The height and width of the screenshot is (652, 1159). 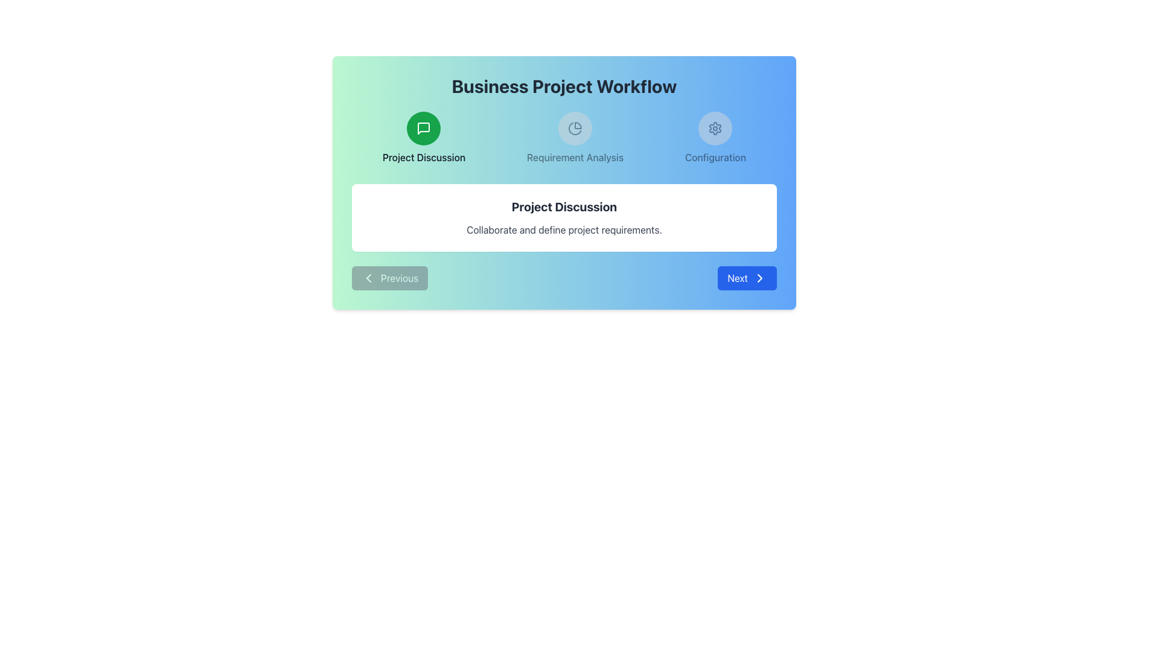 I want to click on the 'Requirement Analysis' icon button, so click(x=574, y=128).